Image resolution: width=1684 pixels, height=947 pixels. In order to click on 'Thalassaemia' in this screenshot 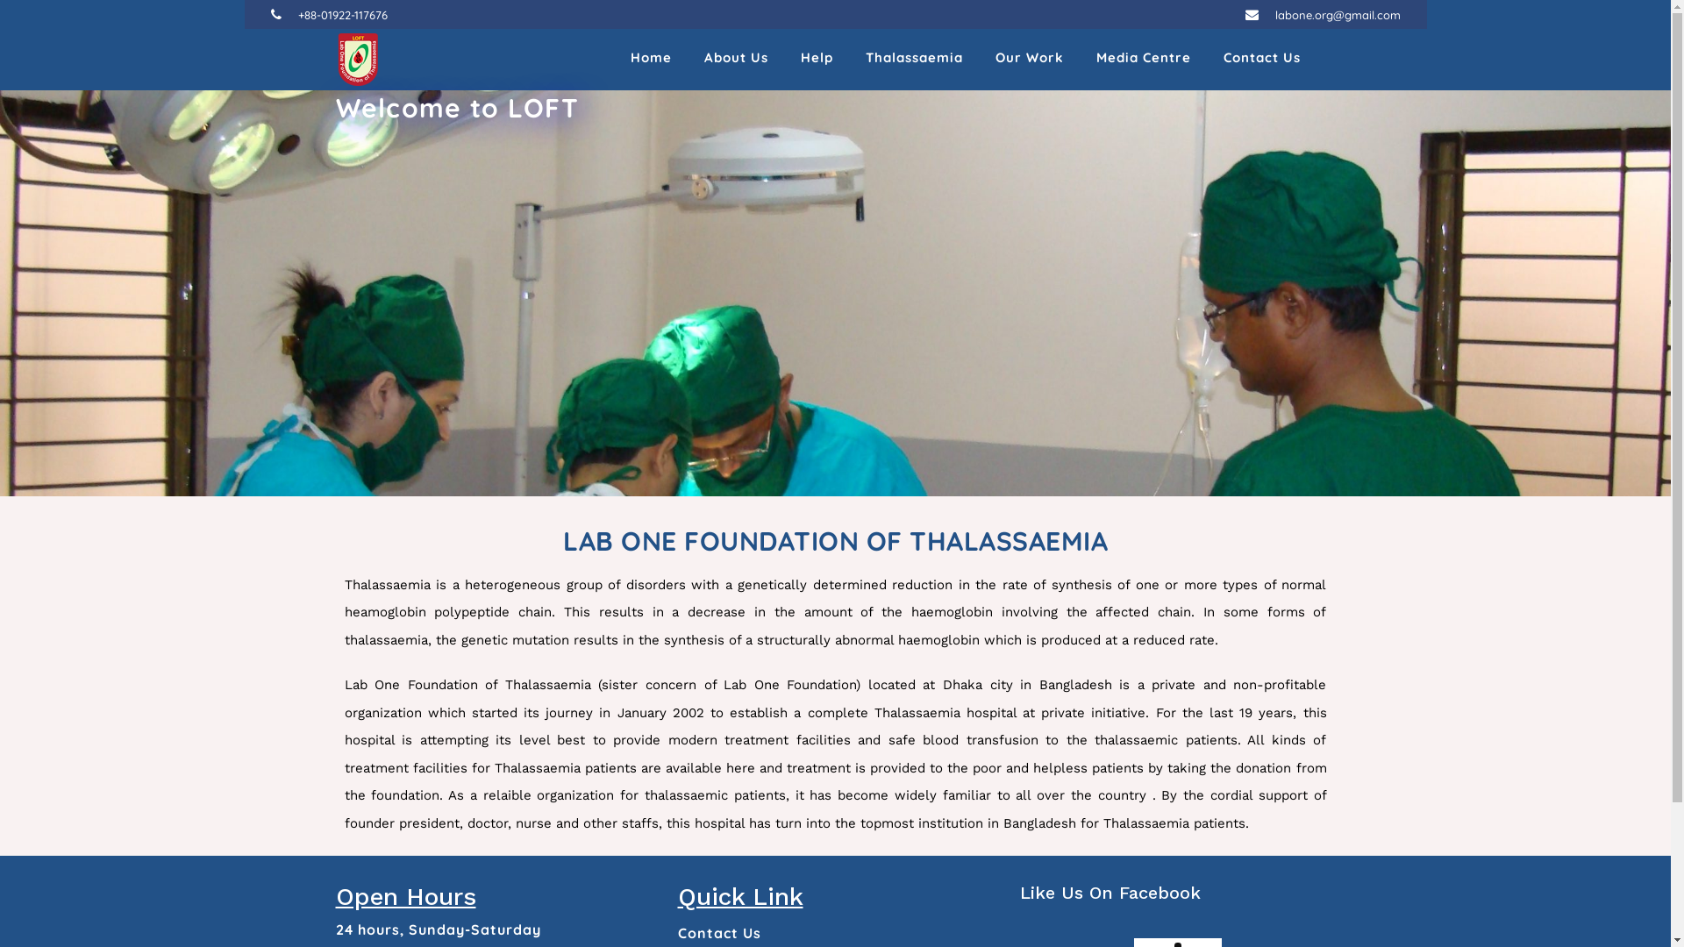, I will do `click(912, 59)`.